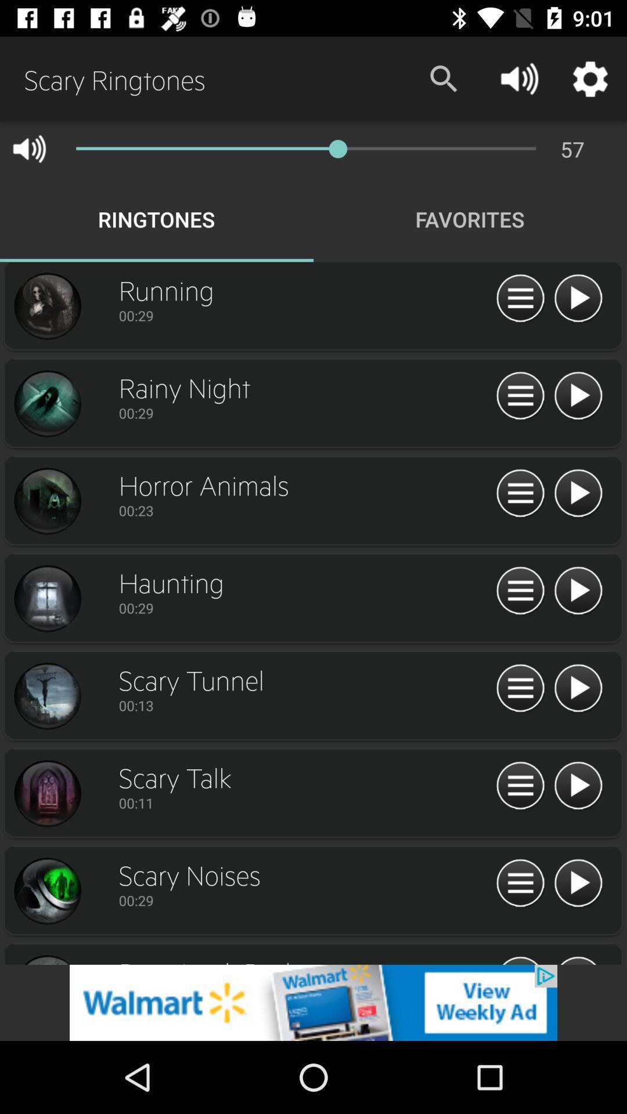 The image size is (627, 1114). What do you see at coordinates (46, 793) in the screenshot?
I see `open author image` at bounding box center [46, 793].